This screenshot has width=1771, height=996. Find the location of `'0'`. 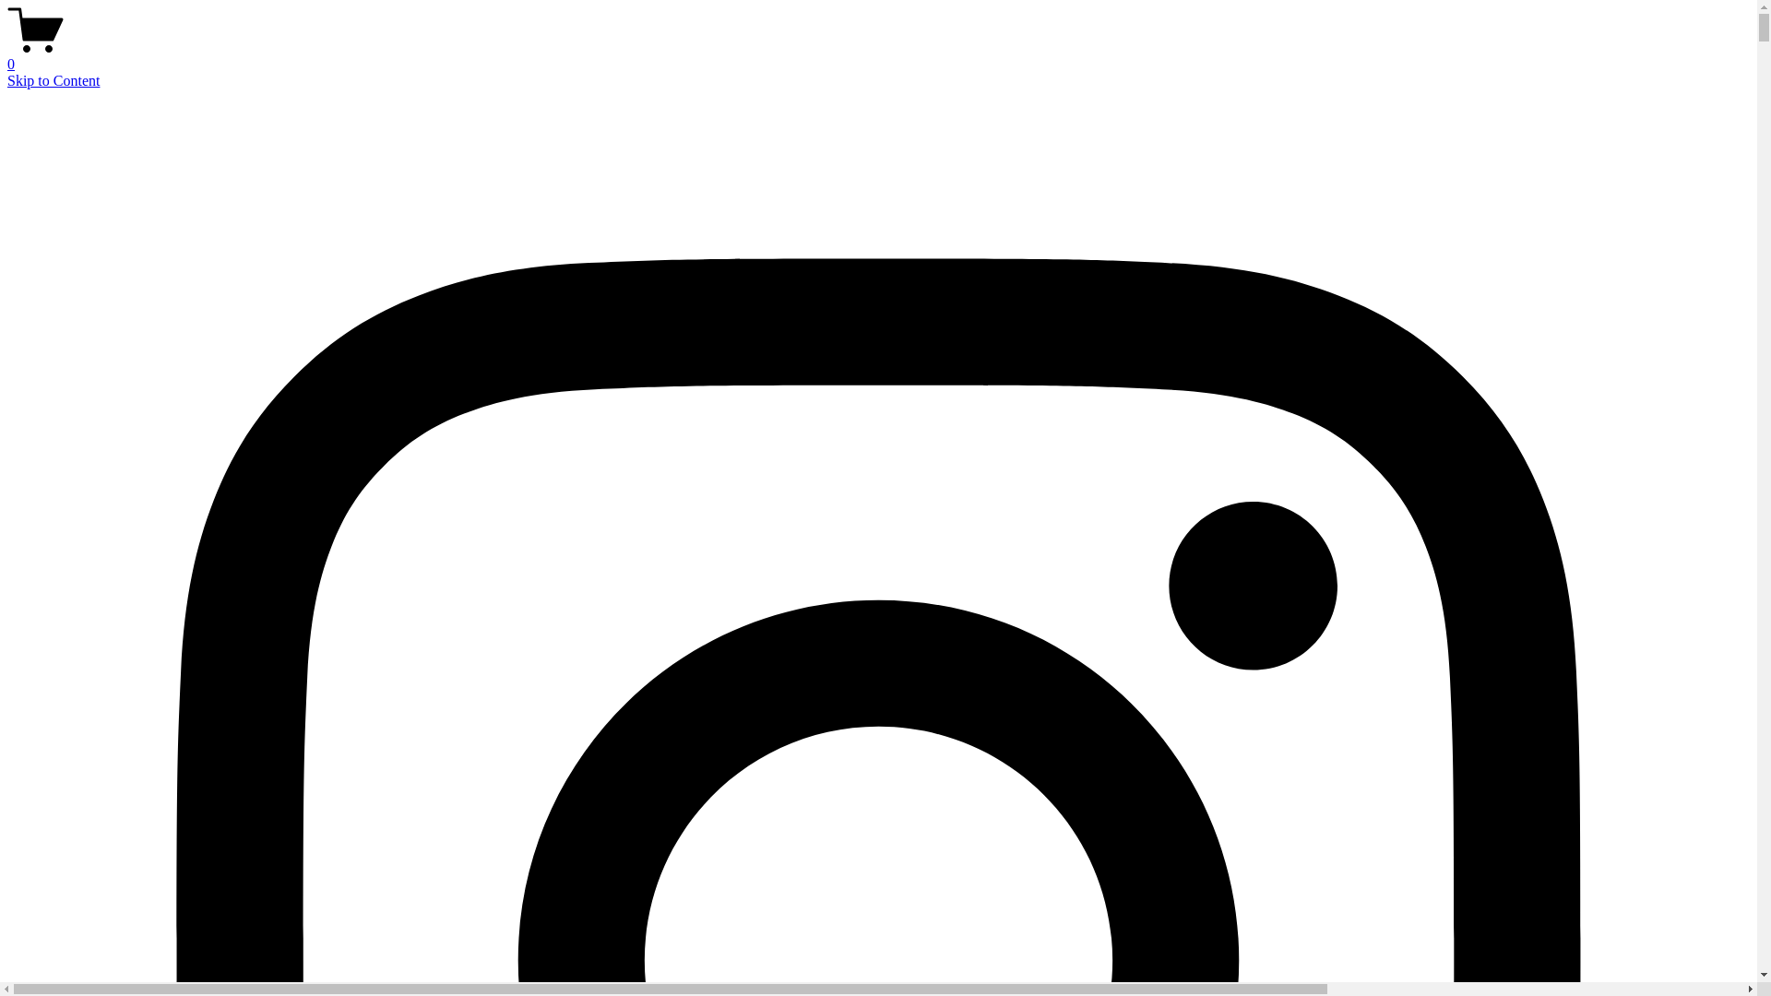

'0' is located at coordinates (877, 55).